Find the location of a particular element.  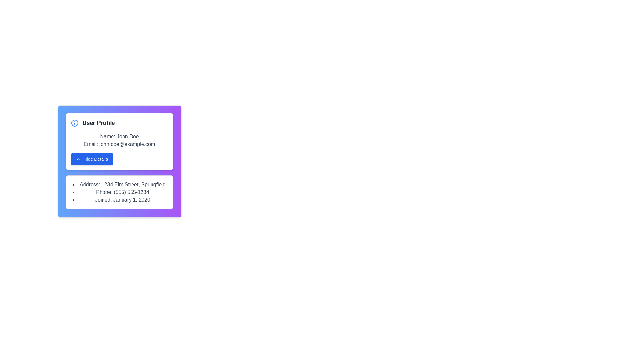

the static text displaying the user's phone number, which is located in the center-left part of the interface, below the 'Address' item and above the 'Joined' item in the bulleted list is located at coordinates (123, 192).